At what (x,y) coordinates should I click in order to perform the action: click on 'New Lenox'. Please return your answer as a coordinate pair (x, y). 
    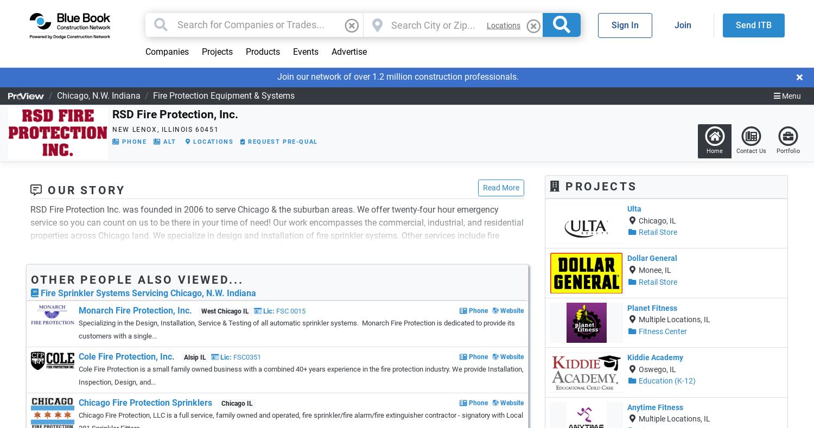
    Looking at the image, I should click on (133, 129).